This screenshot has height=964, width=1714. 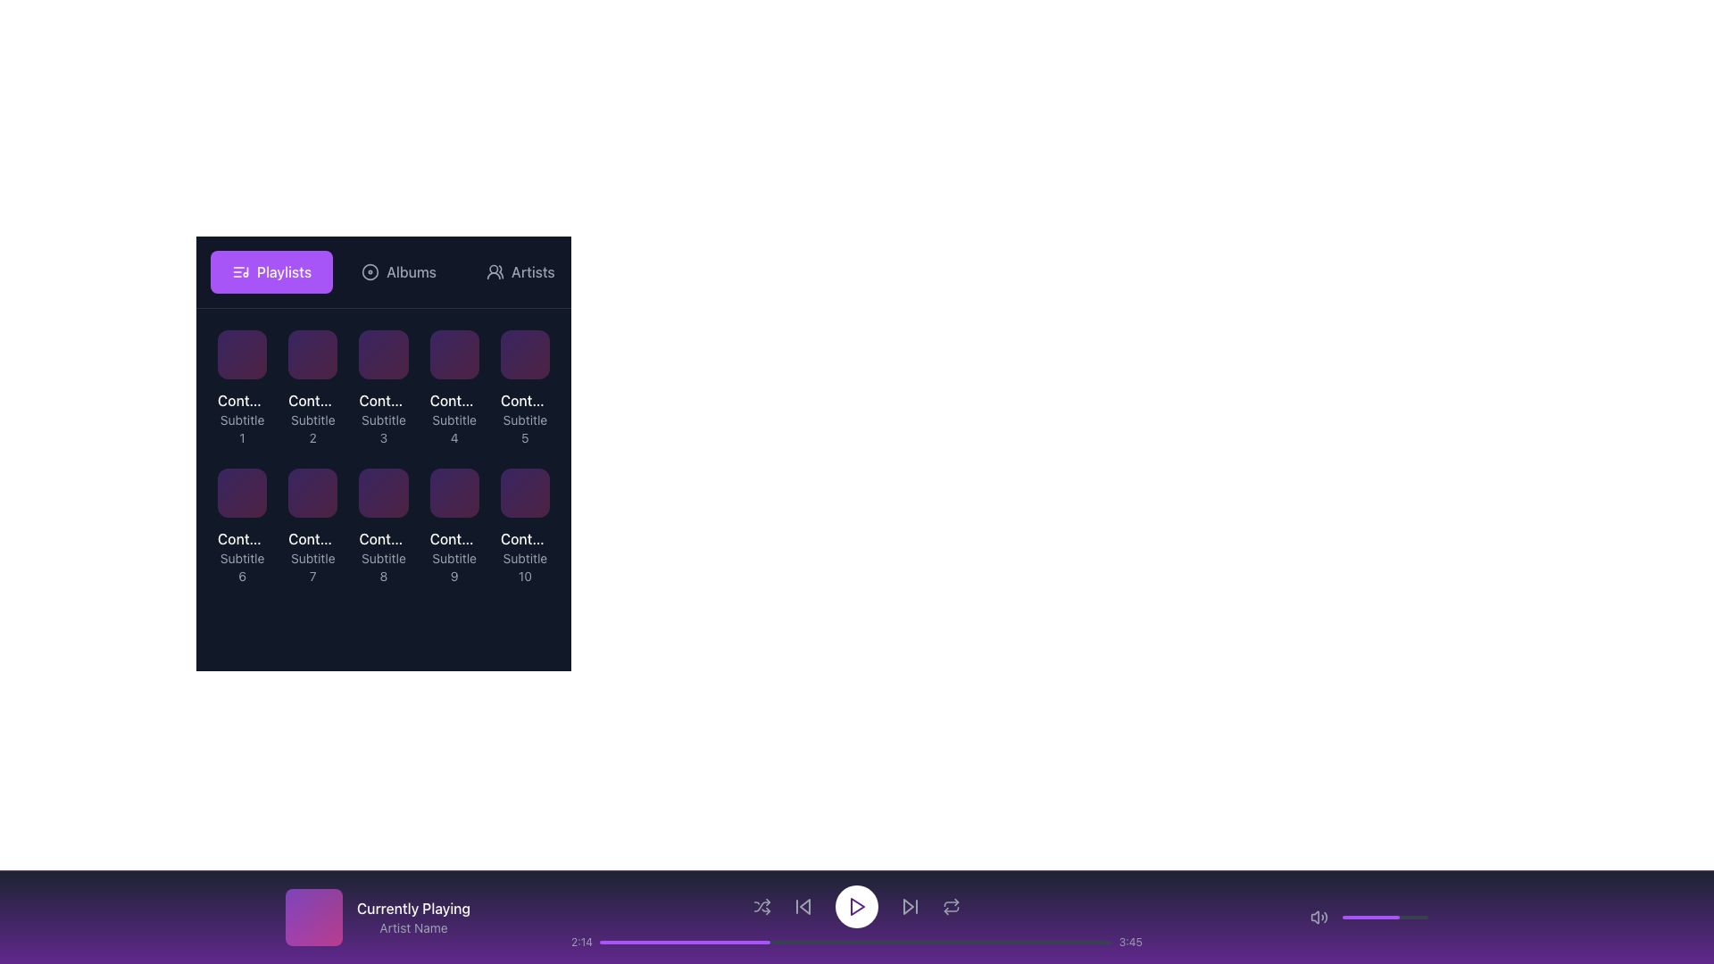 I want to click on the playback position, so click(x=859, y=942).